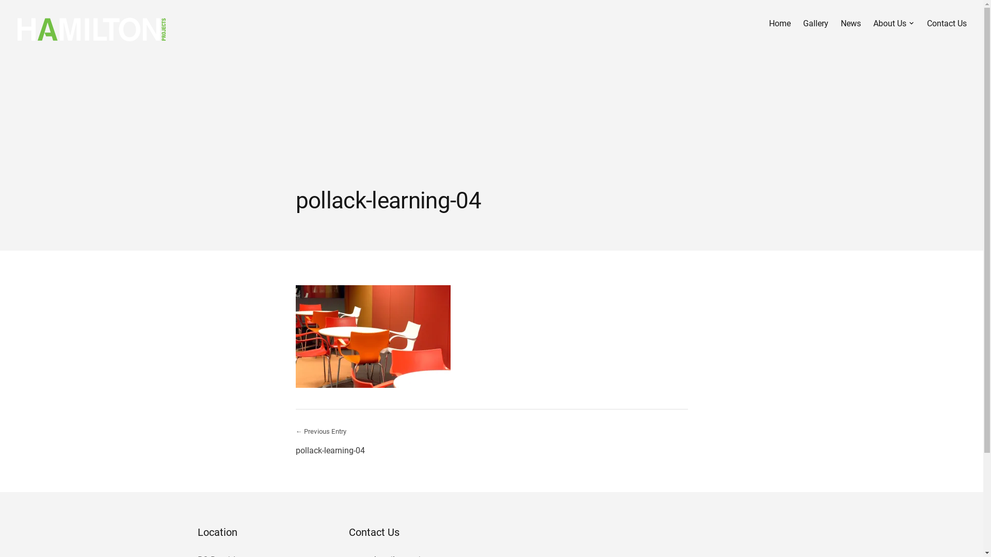  Describe the element at coordinates (780, 23) in the screenshot. I see `'Home'` at that location.